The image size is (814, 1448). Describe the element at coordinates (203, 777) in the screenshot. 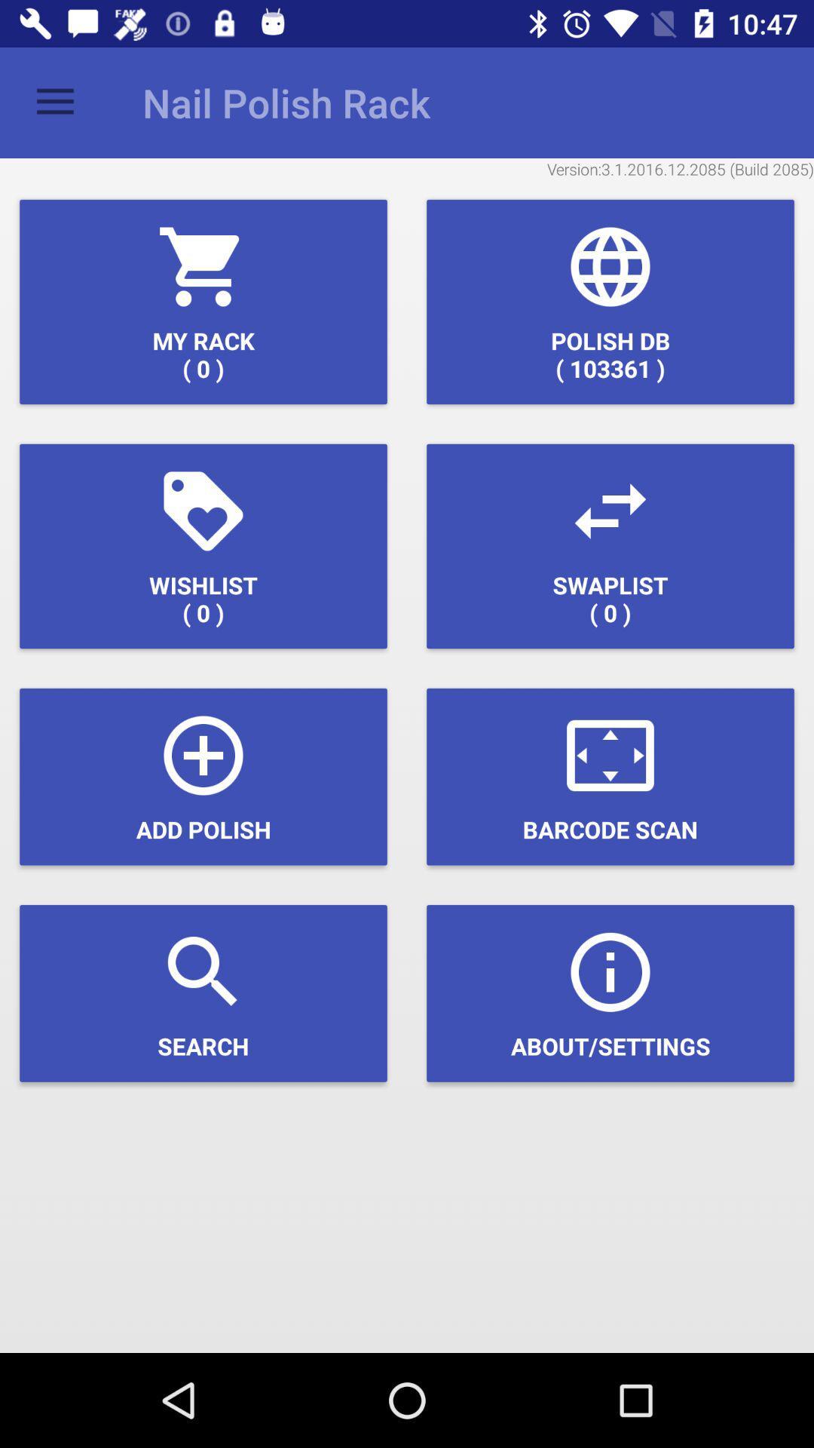

I see `icon below wishlist` at that location.